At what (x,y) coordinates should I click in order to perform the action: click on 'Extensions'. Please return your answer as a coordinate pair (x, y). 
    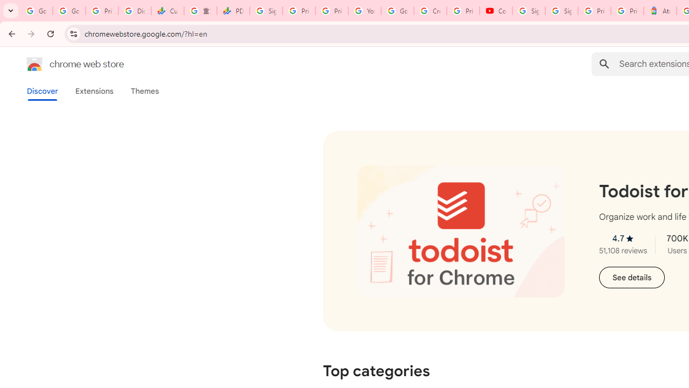
    Looking at the image, I should click on (94, 91).